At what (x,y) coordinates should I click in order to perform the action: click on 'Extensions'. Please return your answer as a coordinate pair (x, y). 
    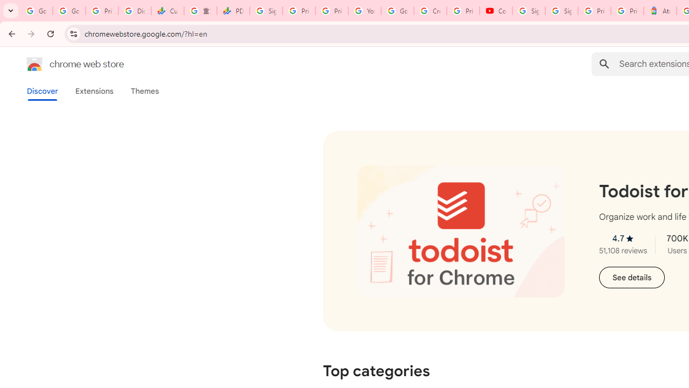
    Looking at the image, I should click on (94, 91).